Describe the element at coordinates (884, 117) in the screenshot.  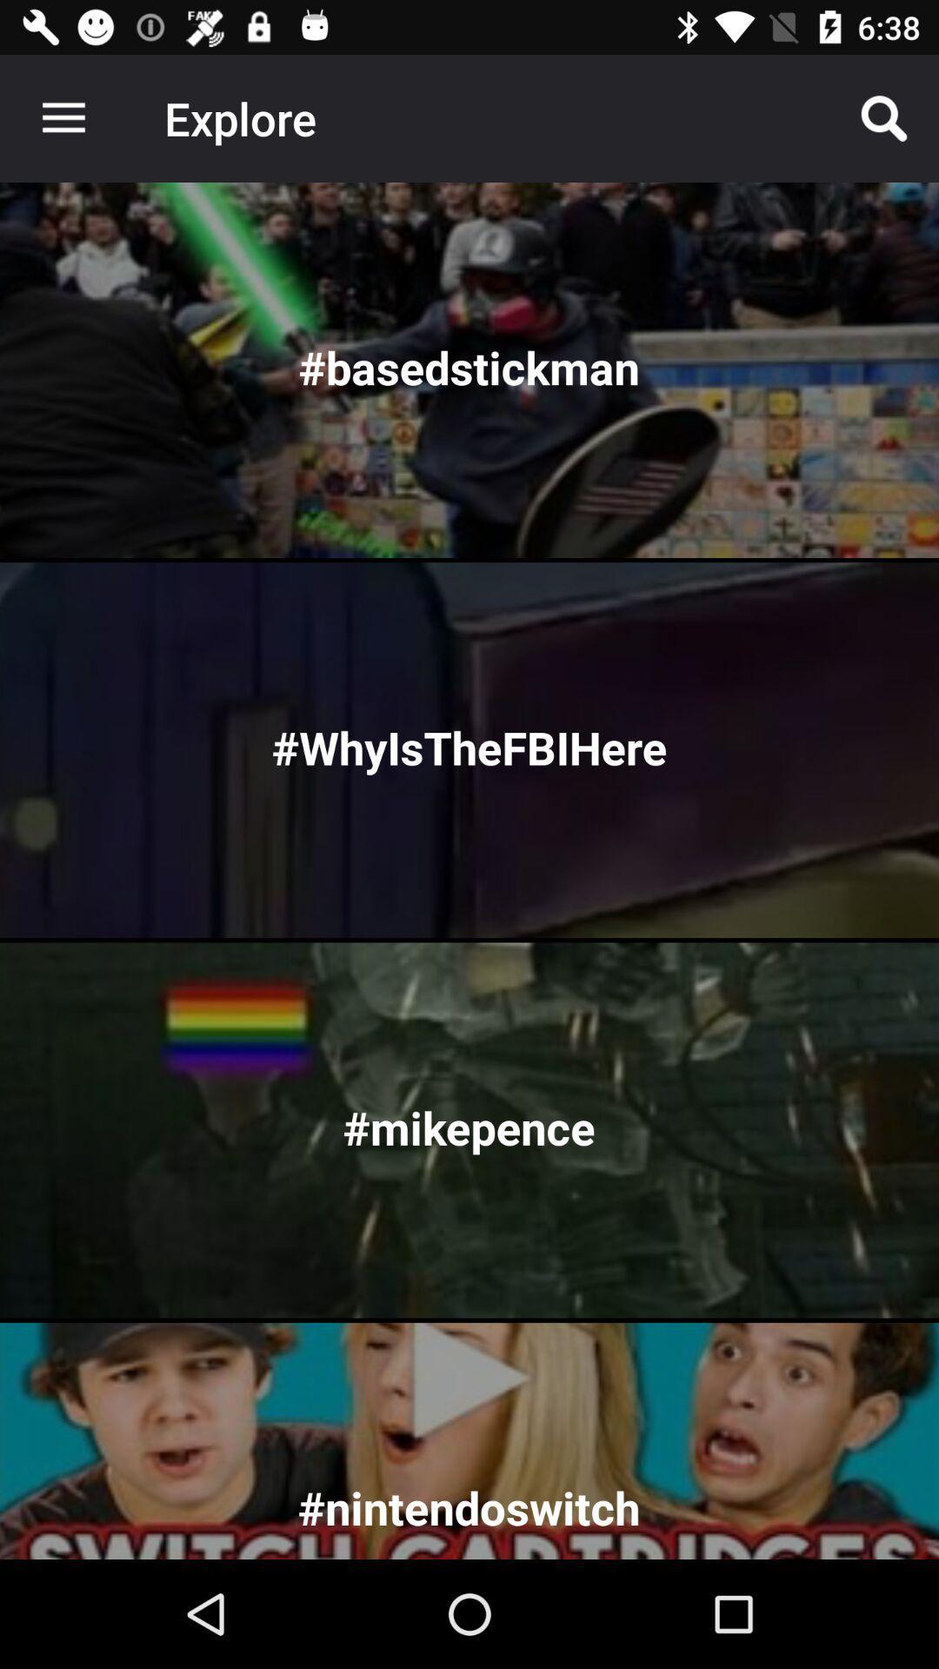
I see `icon to the right of explore` at that location.